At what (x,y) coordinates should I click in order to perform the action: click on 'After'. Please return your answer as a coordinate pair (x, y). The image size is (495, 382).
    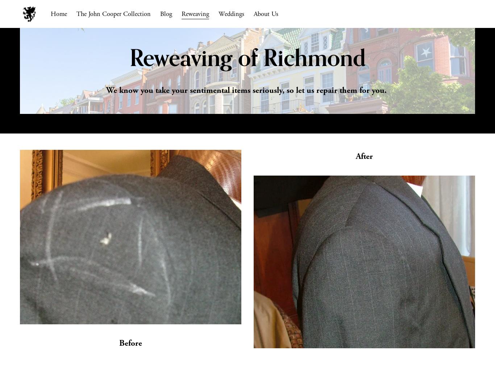
    Looking at the image, I should click on (364, 156).